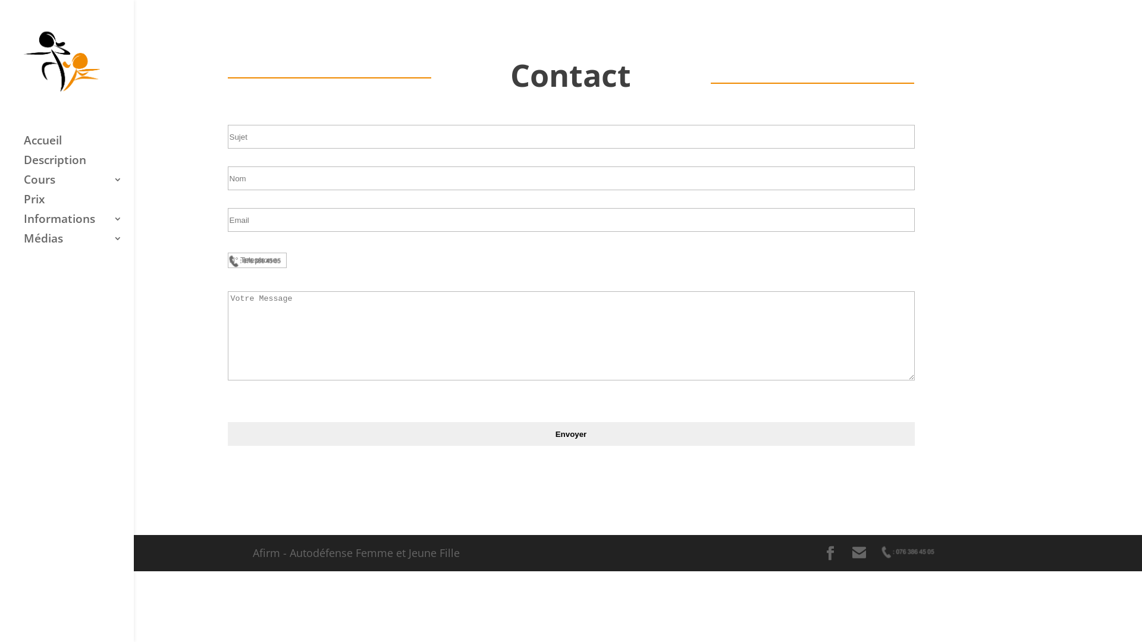 The image size is (1142, 642). Describe the element at coordinates (78, 224) in the screenshot. I see `'Informations'` at that location.